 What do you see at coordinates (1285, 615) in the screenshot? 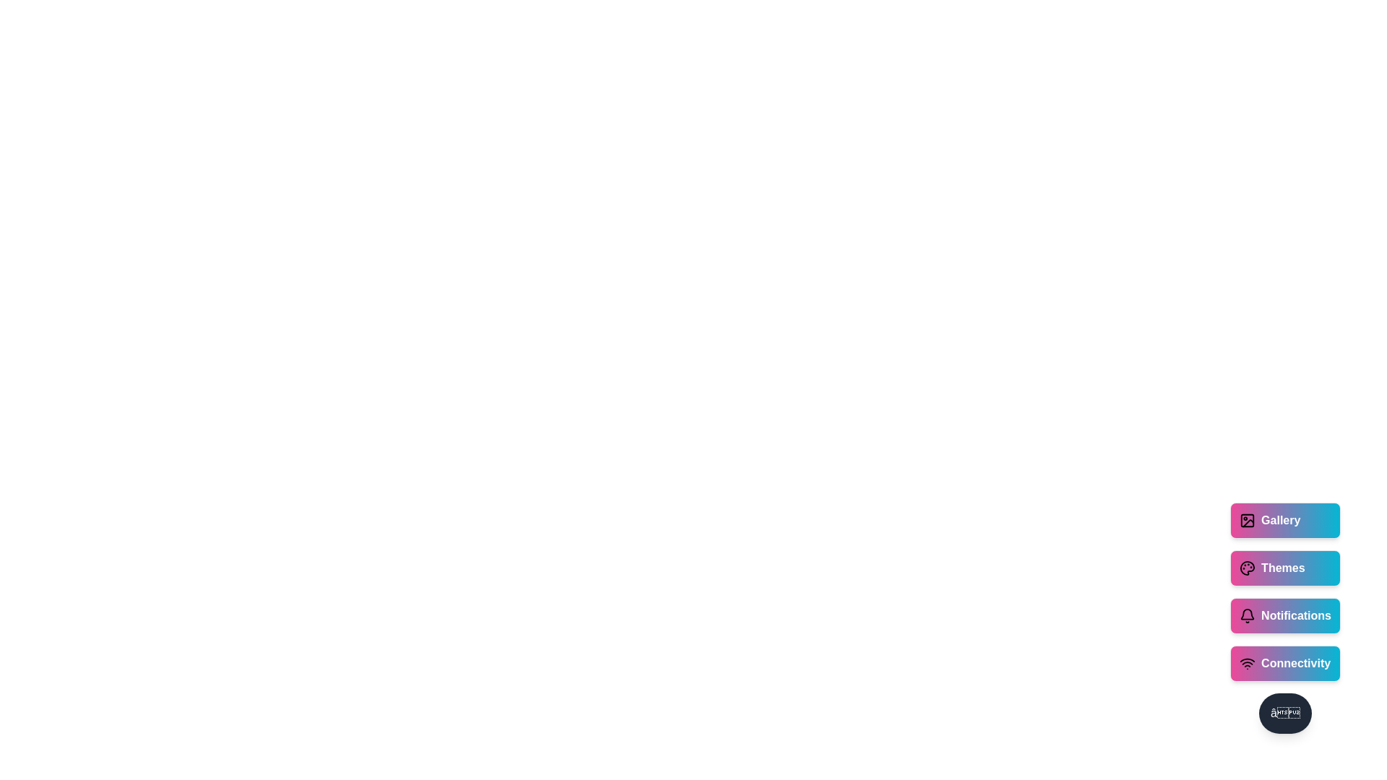
I see `the 'Notifications' button` at bounding box center [1285, 615].